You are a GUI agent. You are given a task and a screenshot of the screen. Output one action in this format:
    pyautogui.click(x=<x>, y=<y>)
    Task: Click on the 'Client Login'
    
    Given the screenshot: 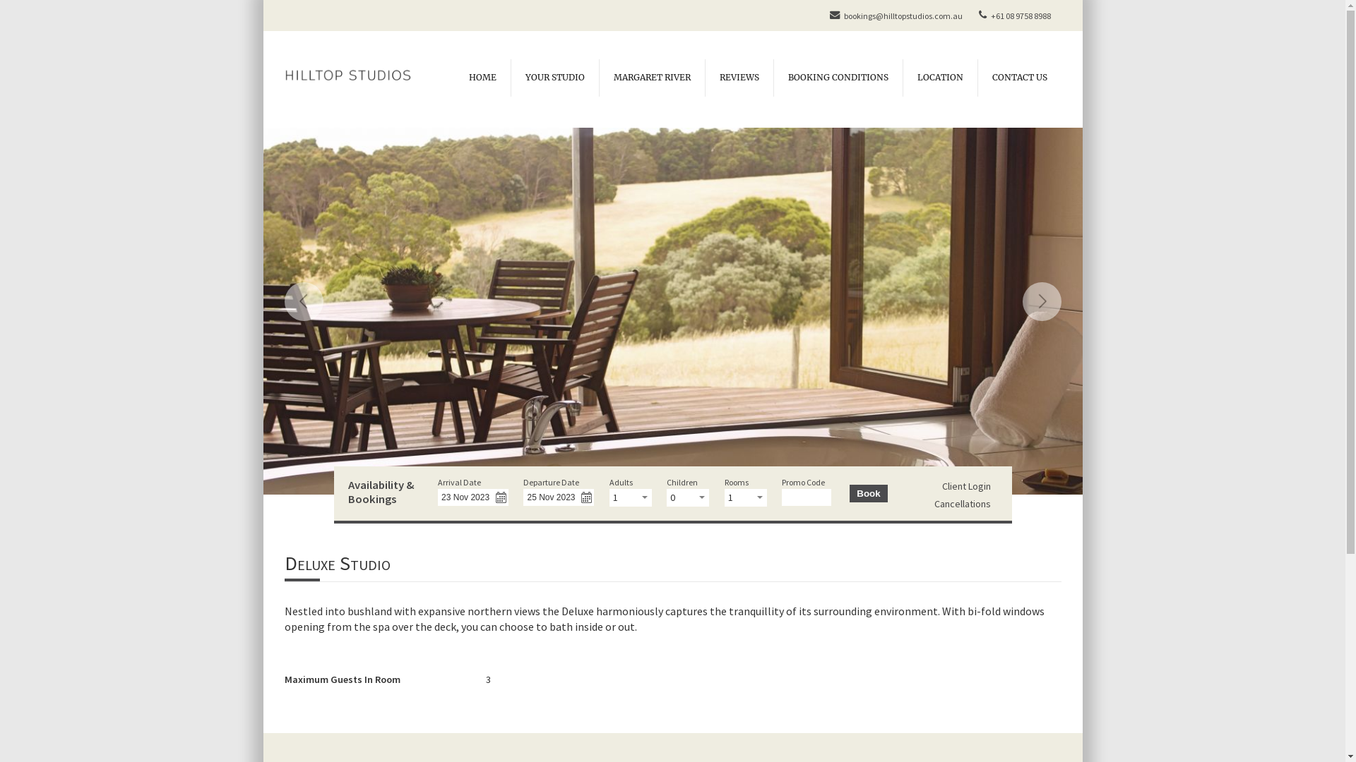 What is the action you would take?
    pyautogui.click(x=965, y=485)
    